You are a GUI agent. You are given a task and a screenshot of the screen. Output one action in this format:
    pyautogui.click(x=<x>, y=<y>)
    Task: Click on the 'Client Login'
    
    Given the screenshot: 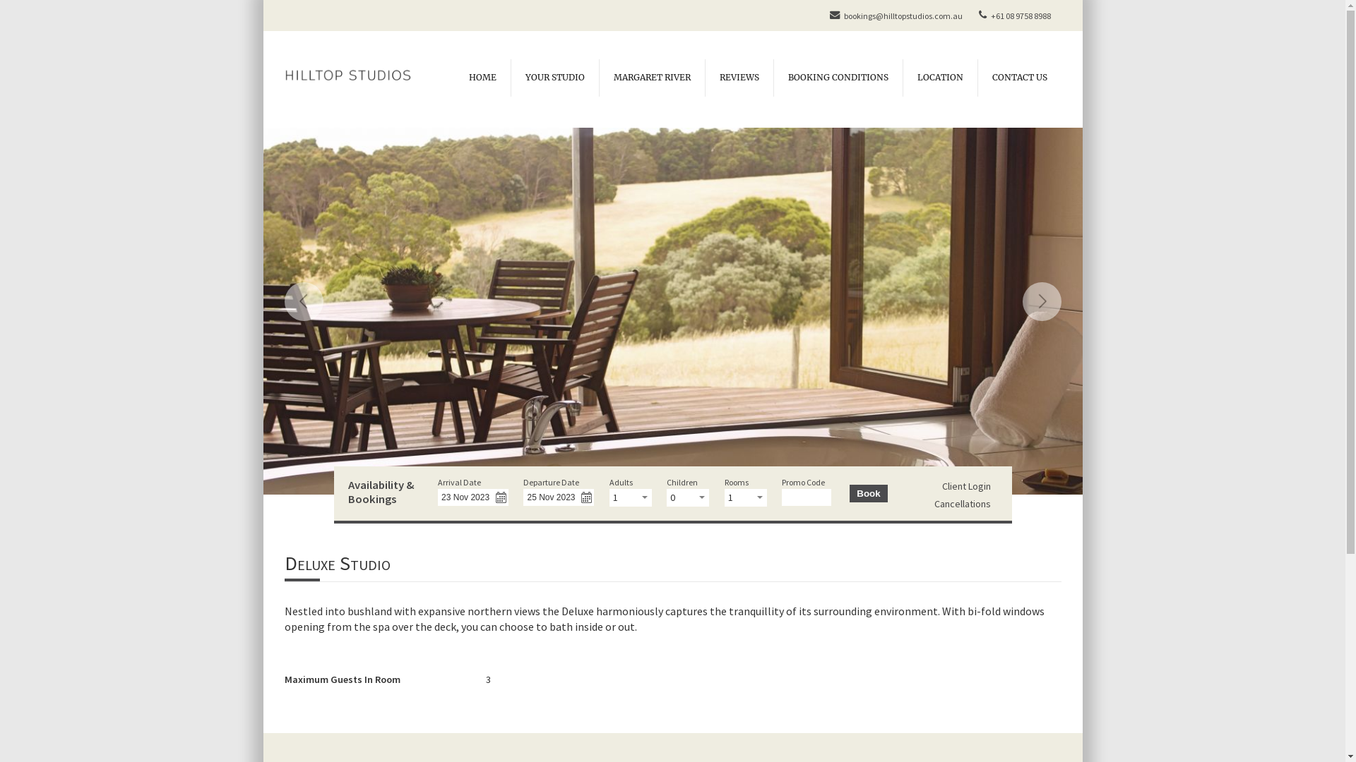 What is the action you would take?
    pyautogui.click(x=965, y=485)
    